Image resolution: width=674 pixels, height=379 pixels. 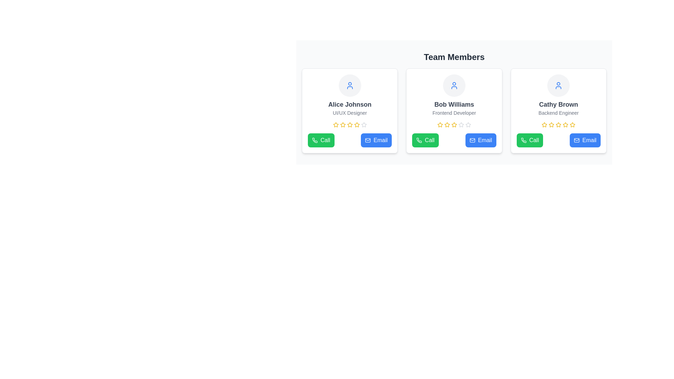 I want to click on the 'Email' button which is represented by an envelope icon and is, so click(x=472, y=140).